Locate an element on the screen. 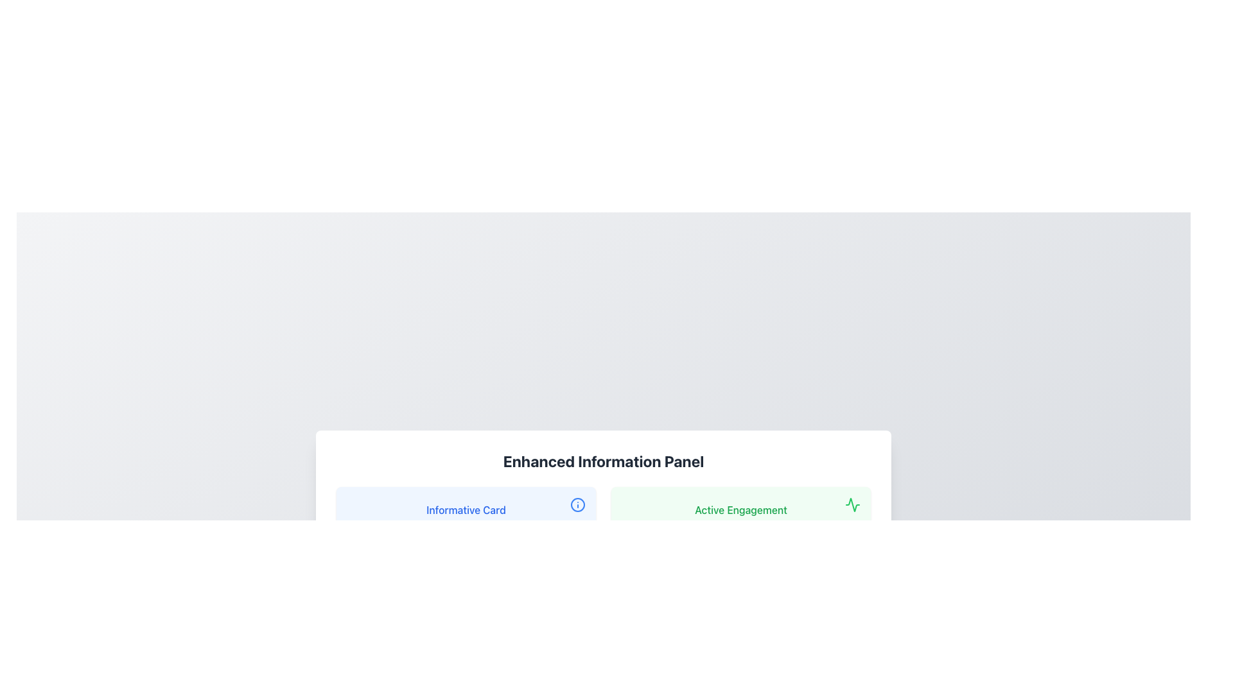  the first Informational card in the grid layout, located at the top left, which provides static information to users is located at coordinates (465, 527).